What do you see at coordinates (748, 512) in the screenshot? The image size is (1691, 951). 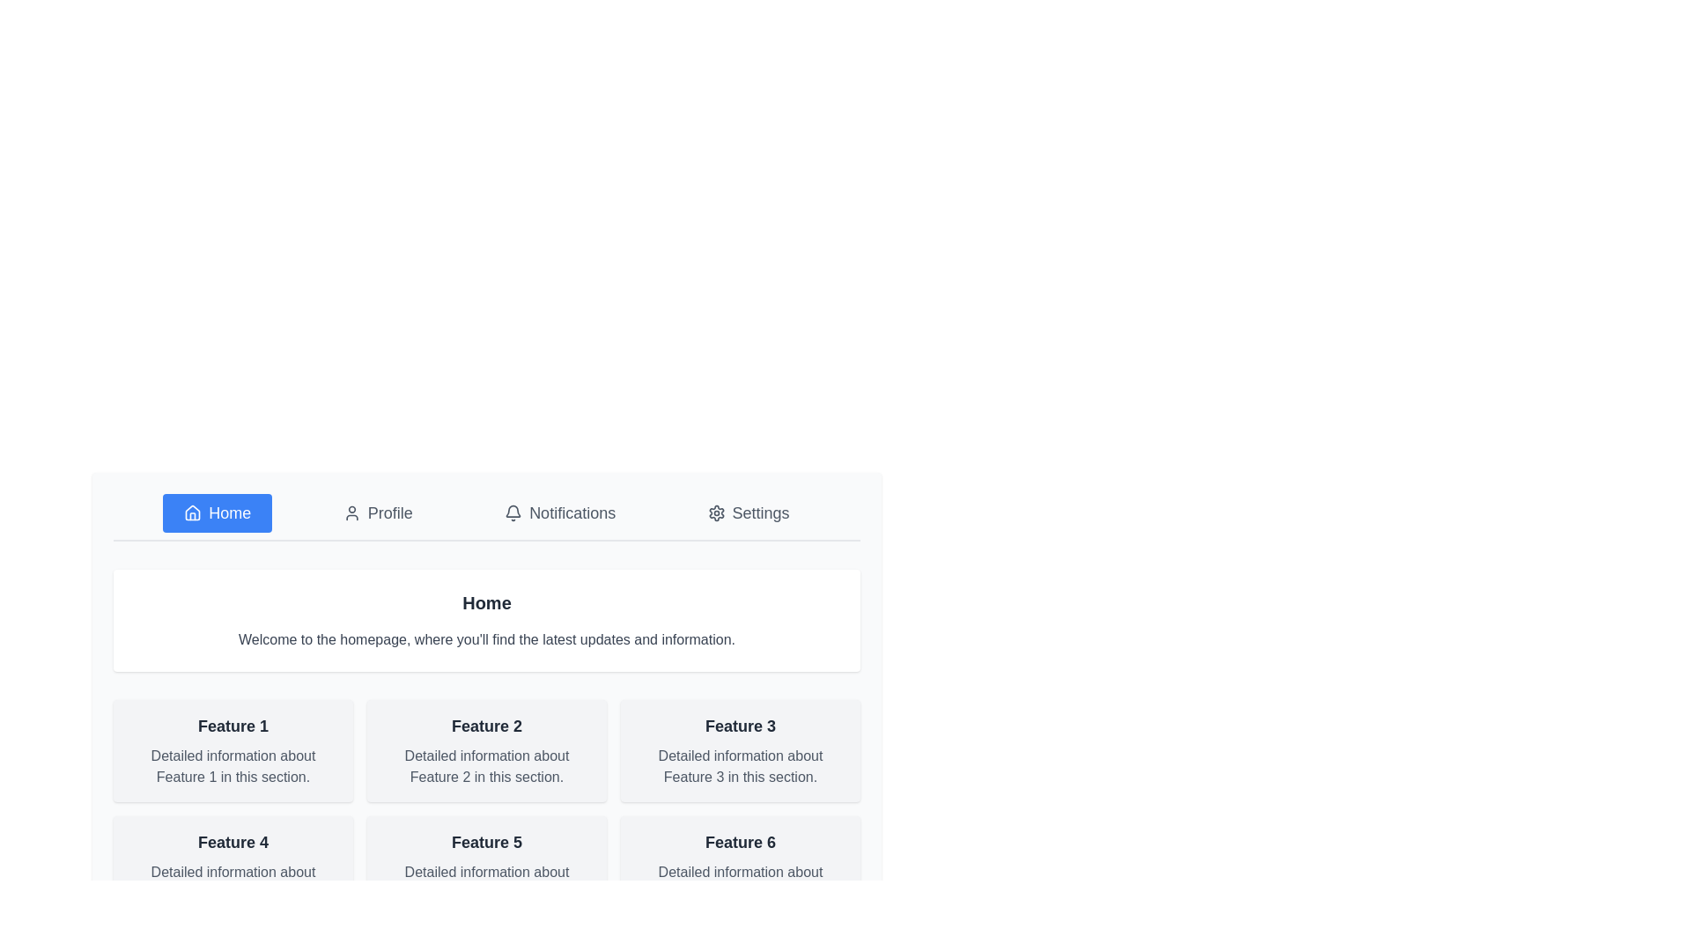 I see `the 'Settings' button, which is the fourth button in the horizontal navigation bar, to change its appearance` at bounding box center [748, 512].